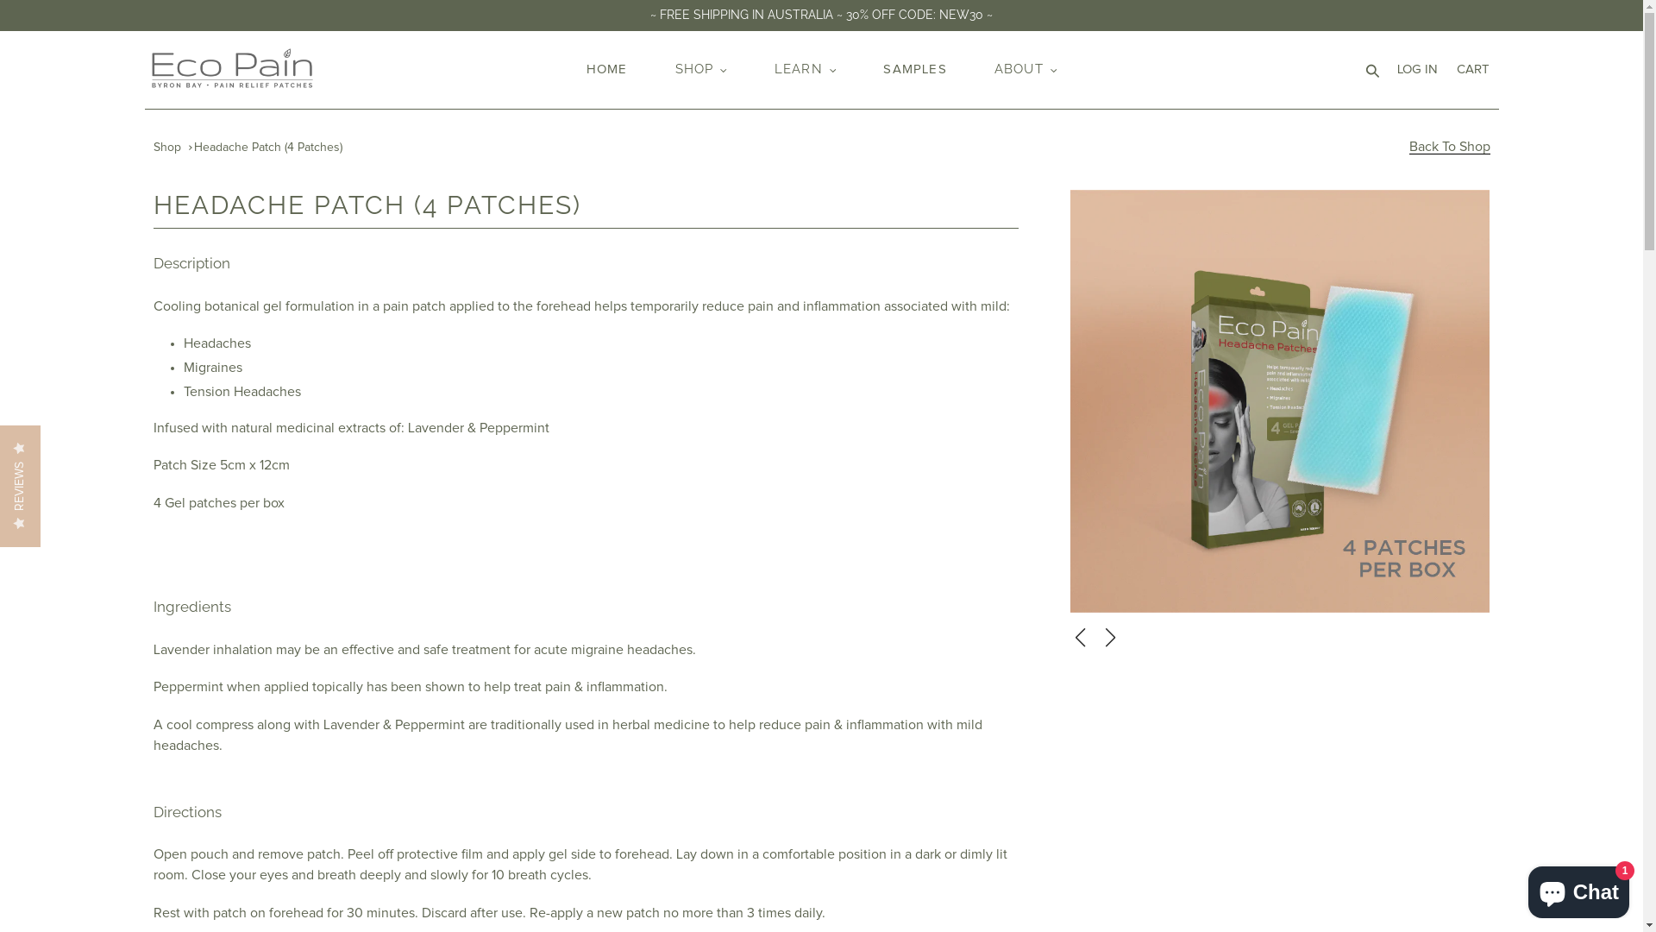  Describe the element at coordinates (1578, 888) in the screenshot. I see `'Shopify online store chat'` at that location.